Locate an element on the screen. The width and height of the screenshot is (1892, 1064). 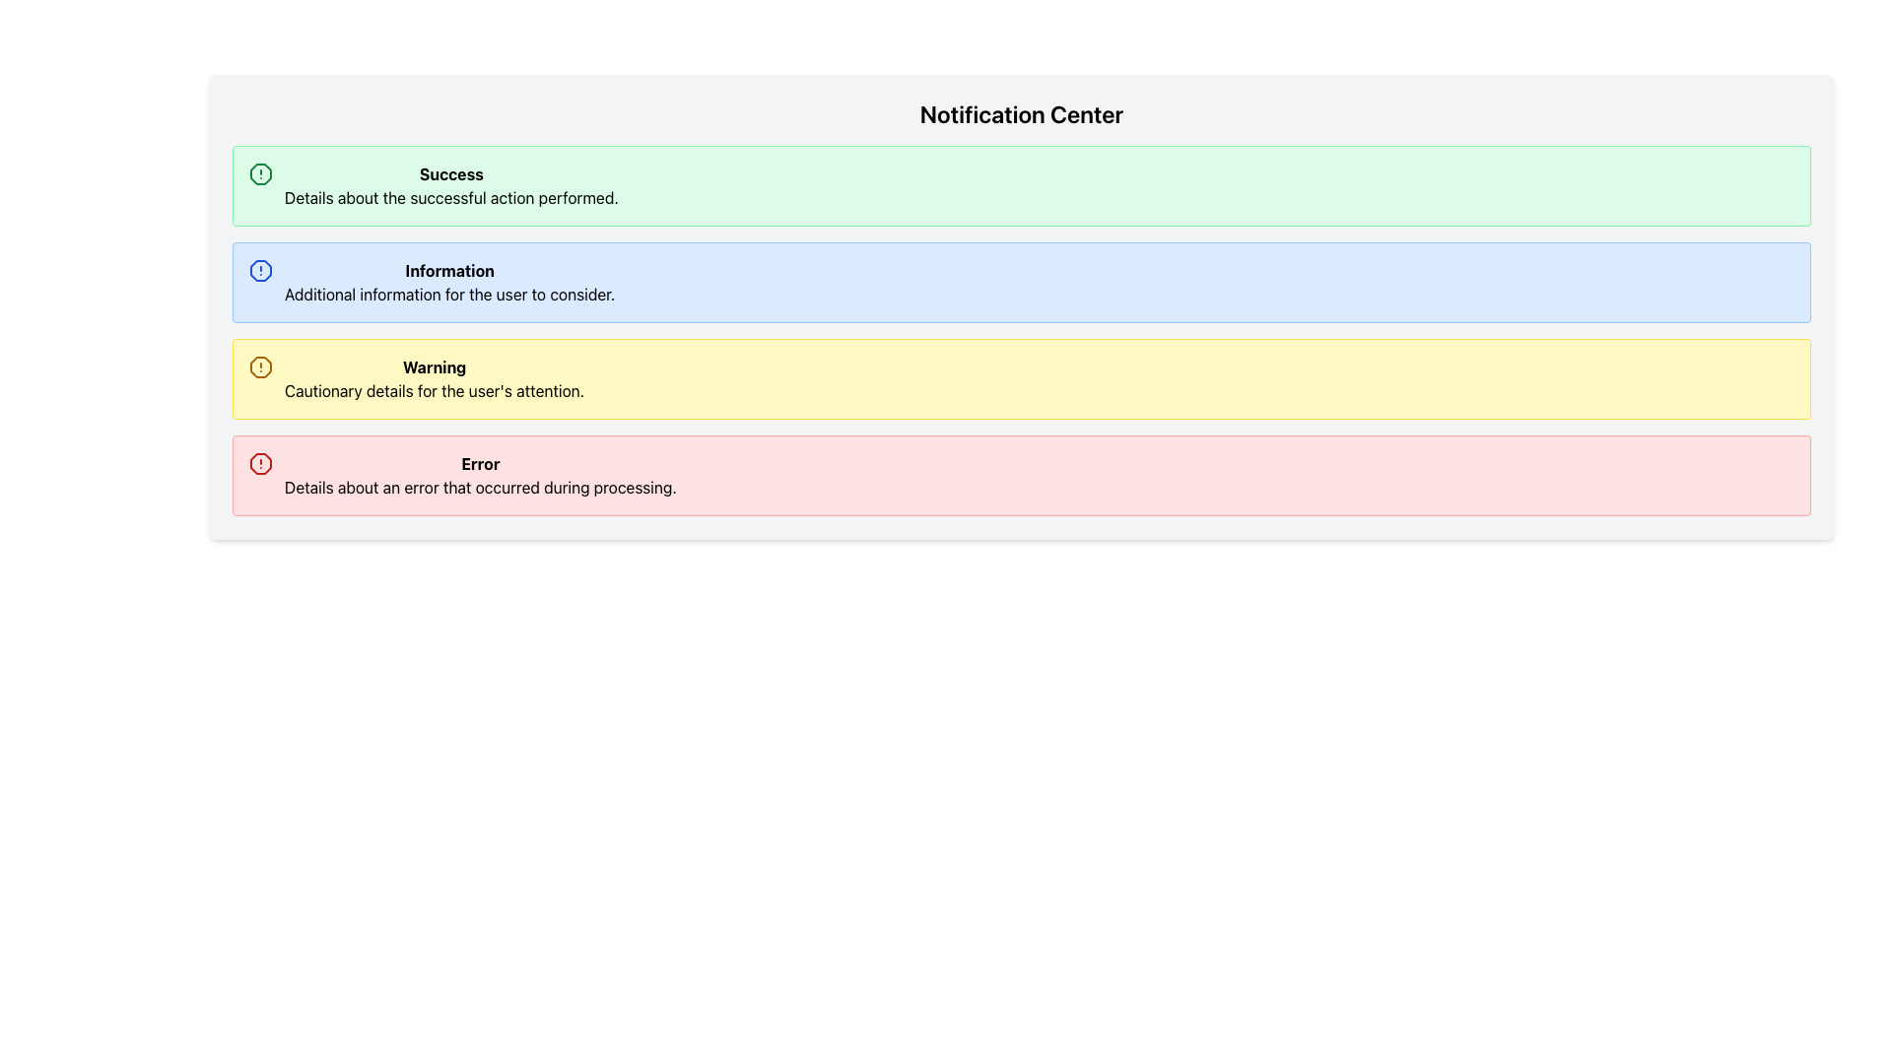
informational content from the Text Block located below the 'Success' notification and above the 'Warning' notification is located at coordinates (448, 282).